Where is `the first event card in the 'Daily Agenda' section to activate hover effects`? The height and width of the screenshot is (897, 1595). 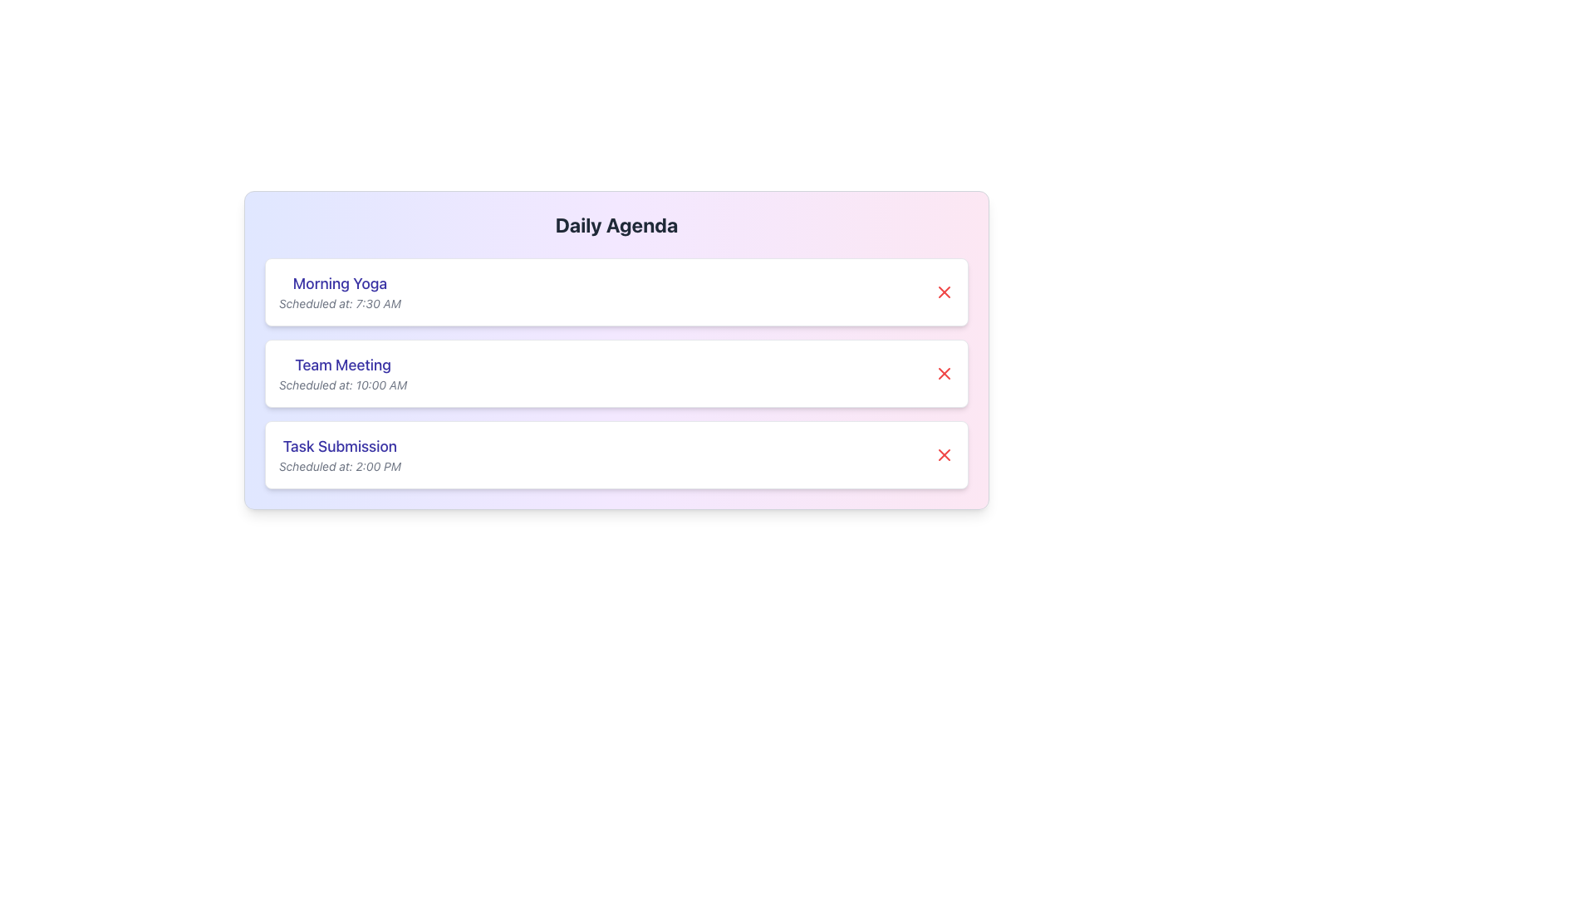 the first event card in the 'Daily Agenda' section to activate hover effects is located at coordinates (616, 291).